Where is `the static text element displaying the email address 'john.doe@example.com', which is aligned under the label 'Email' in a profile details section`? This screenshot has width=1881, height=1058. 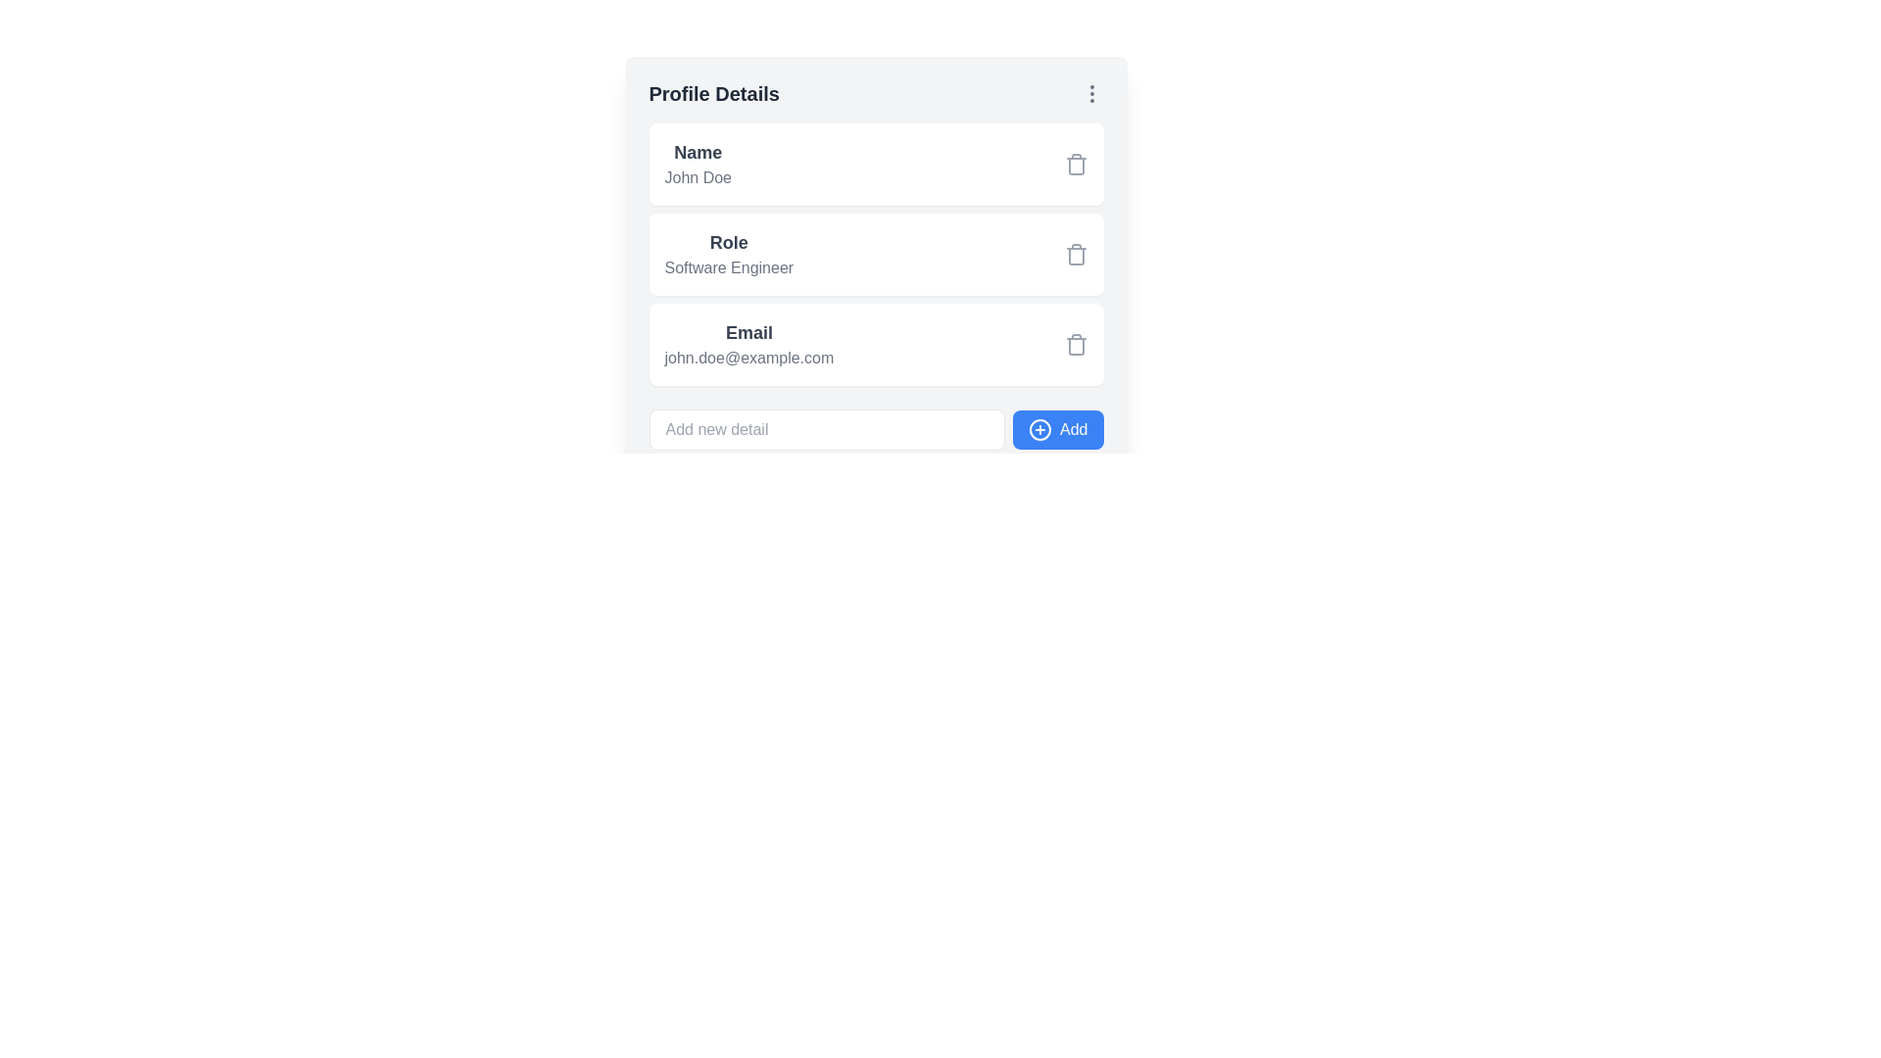
the static text element displaying the email address 'john.doe@example.com', which is aligned under the label 'Email' in a profile details section is located at coordinates (748, 359).